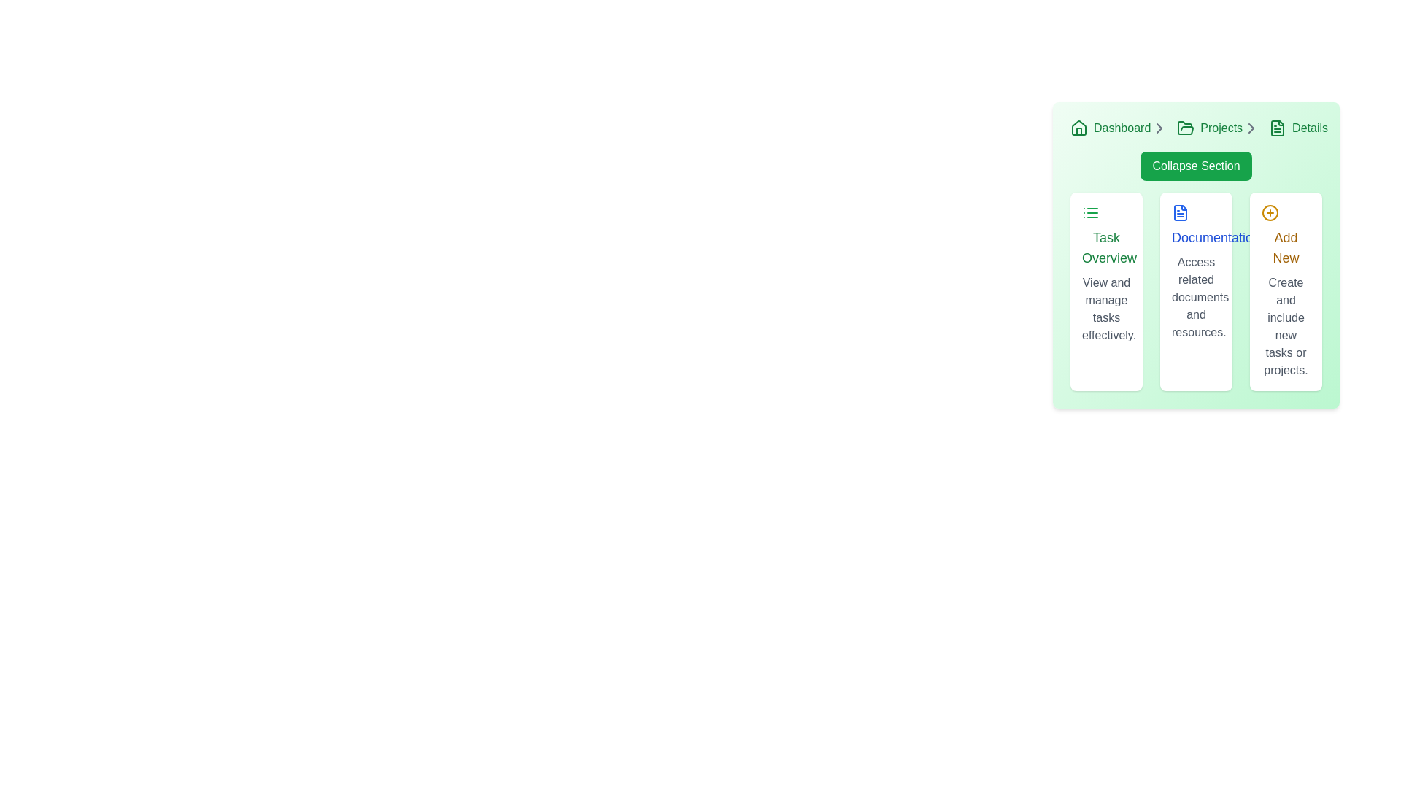  Describe the element at coordinates (1196, 297) in the screenshot. I see `static text label providing additional context for accessing documentation, located below the header 'Documentation' in the second column of feature boxes` at that location.